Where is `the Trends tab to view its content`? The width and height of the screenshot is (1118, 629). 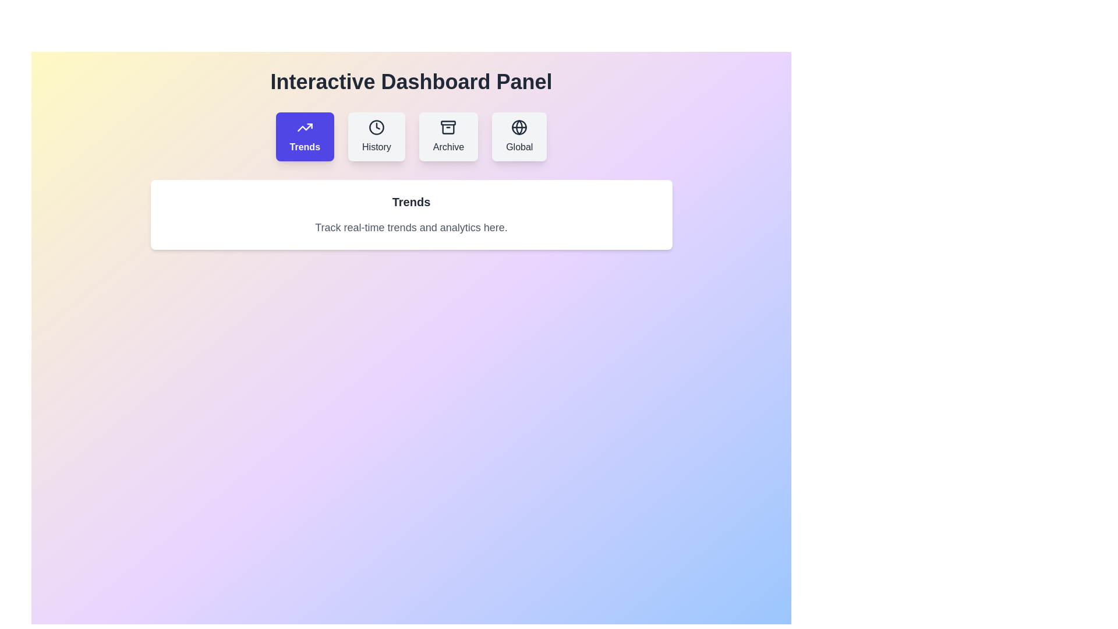 the Trends tab to view its content is located at coordinates (305, 136).